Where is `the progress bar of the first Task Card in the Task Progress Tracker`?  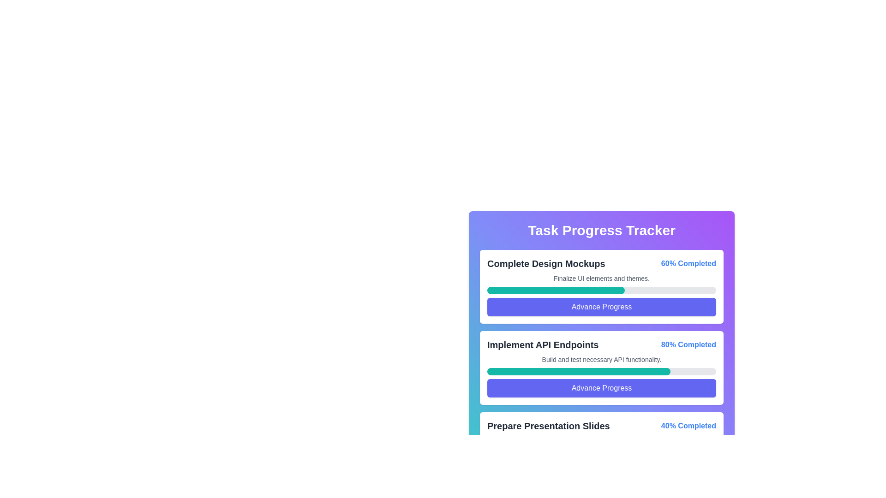 the progress bar of the first Task Card in the Task Progress Tracker is located at coordinates (602, 286).